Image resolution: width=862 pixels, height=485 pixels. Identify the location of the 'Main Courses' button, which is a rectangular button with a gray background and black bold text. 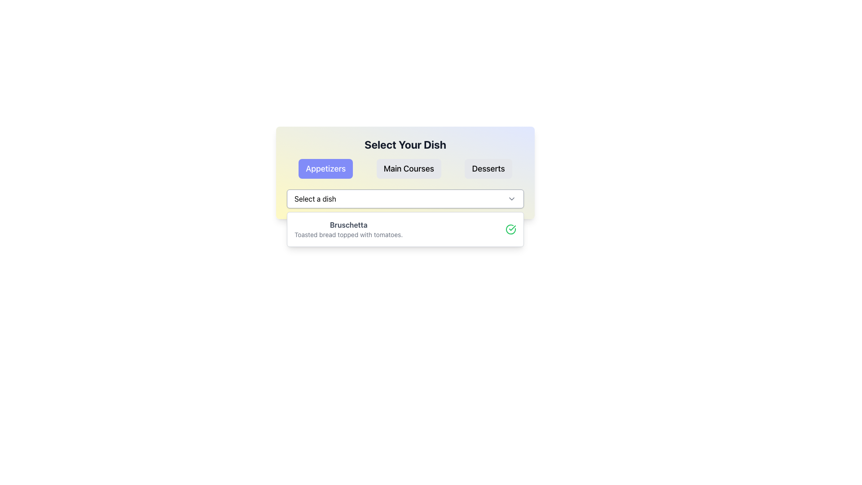
(408, 168).